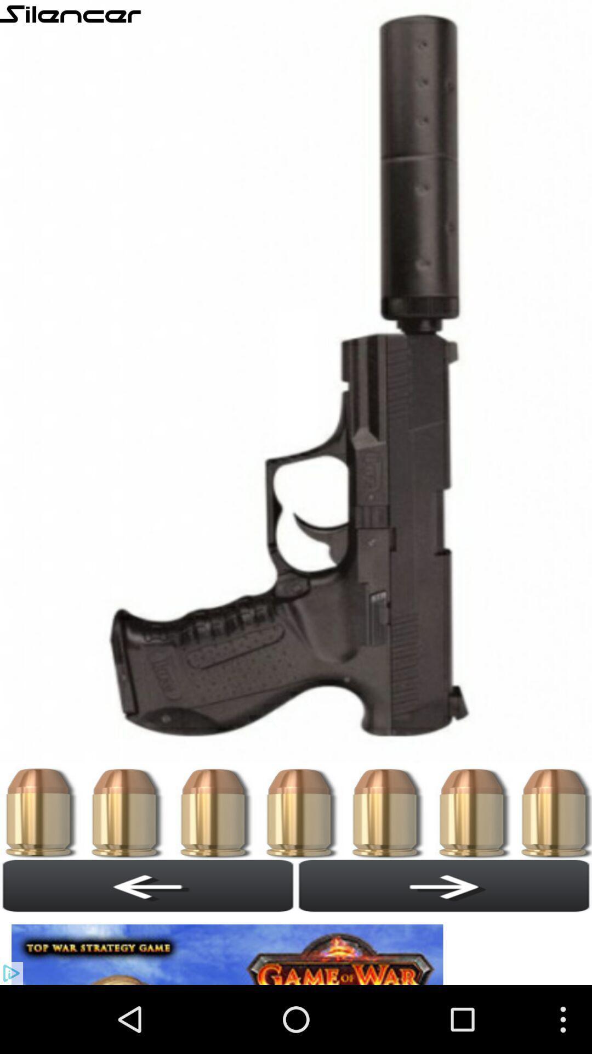 This screenshot has width=592, height=1054. I want to click on banner advertisement, so click(230, 948).